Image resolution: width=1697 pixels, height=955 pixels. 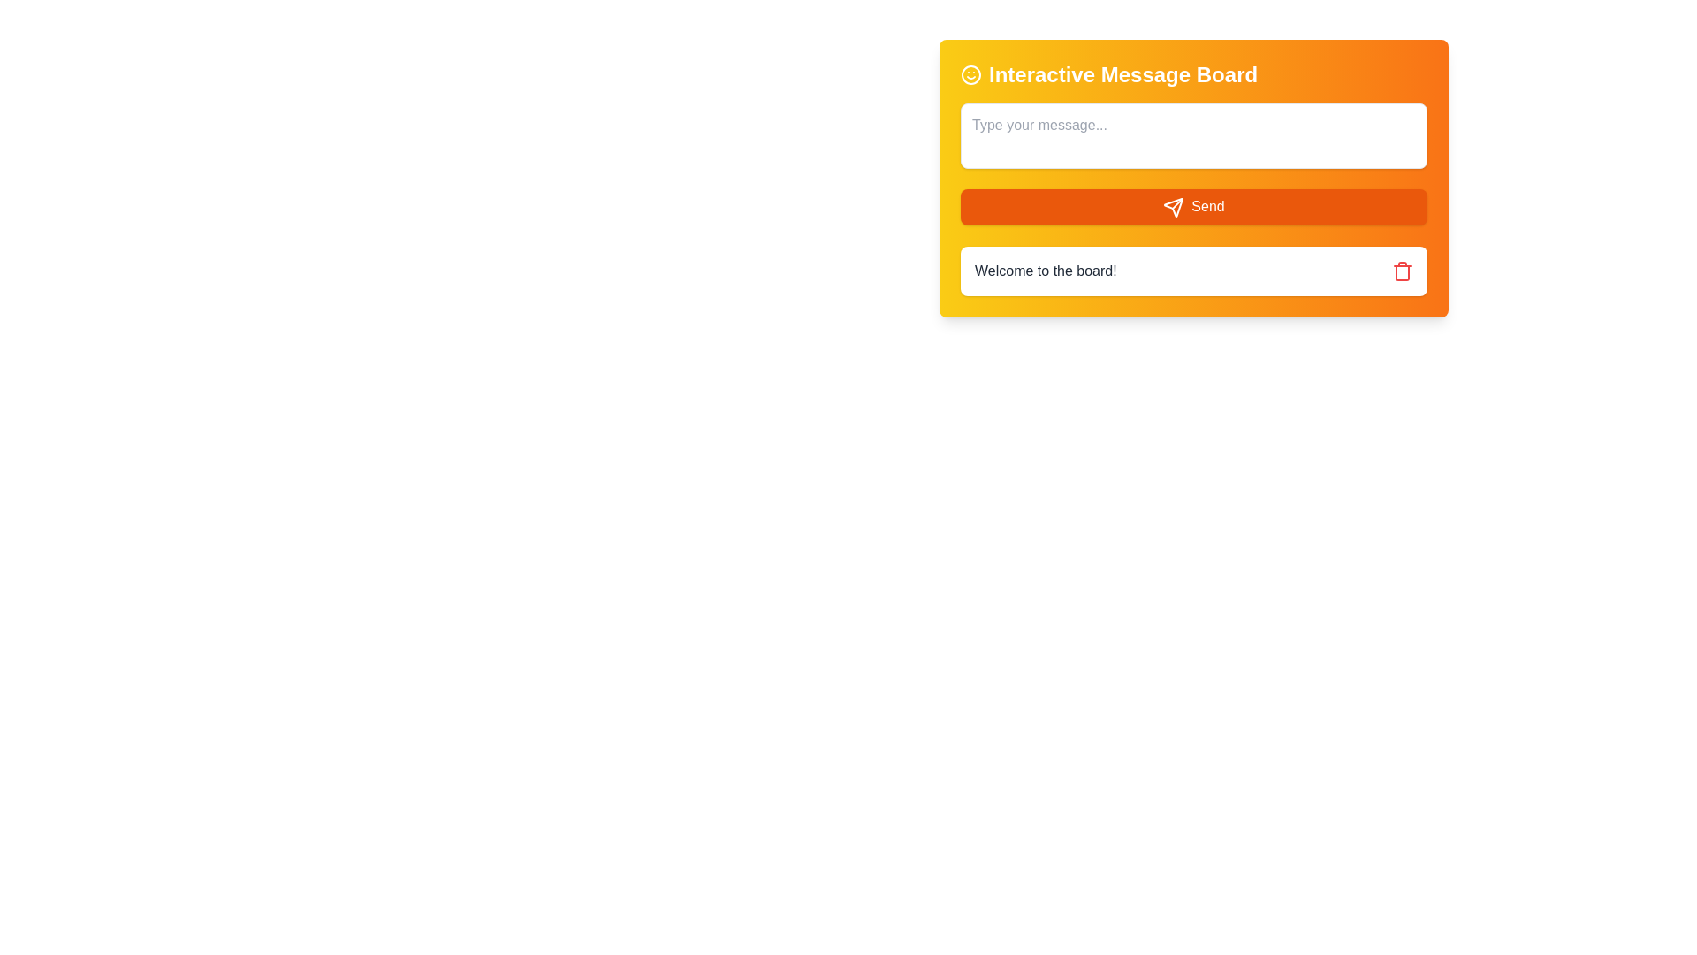 What do you see at coordinates (1193, 206) in the screenshot?
I see `the 'Send' button with a bold orange background and white text, which includes a paper plane icon, to provide visual feedback` at bounding box center [1193, 206].